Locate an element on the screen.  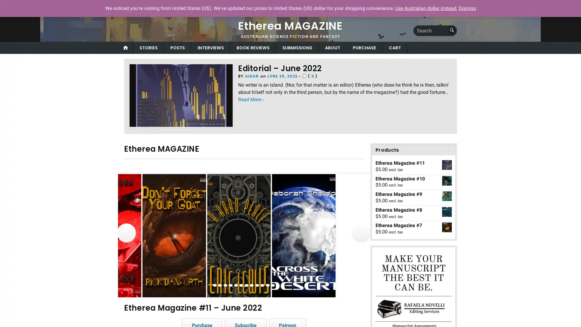
view image 10 of 12 in carousel is located at coordinates (262, 285).